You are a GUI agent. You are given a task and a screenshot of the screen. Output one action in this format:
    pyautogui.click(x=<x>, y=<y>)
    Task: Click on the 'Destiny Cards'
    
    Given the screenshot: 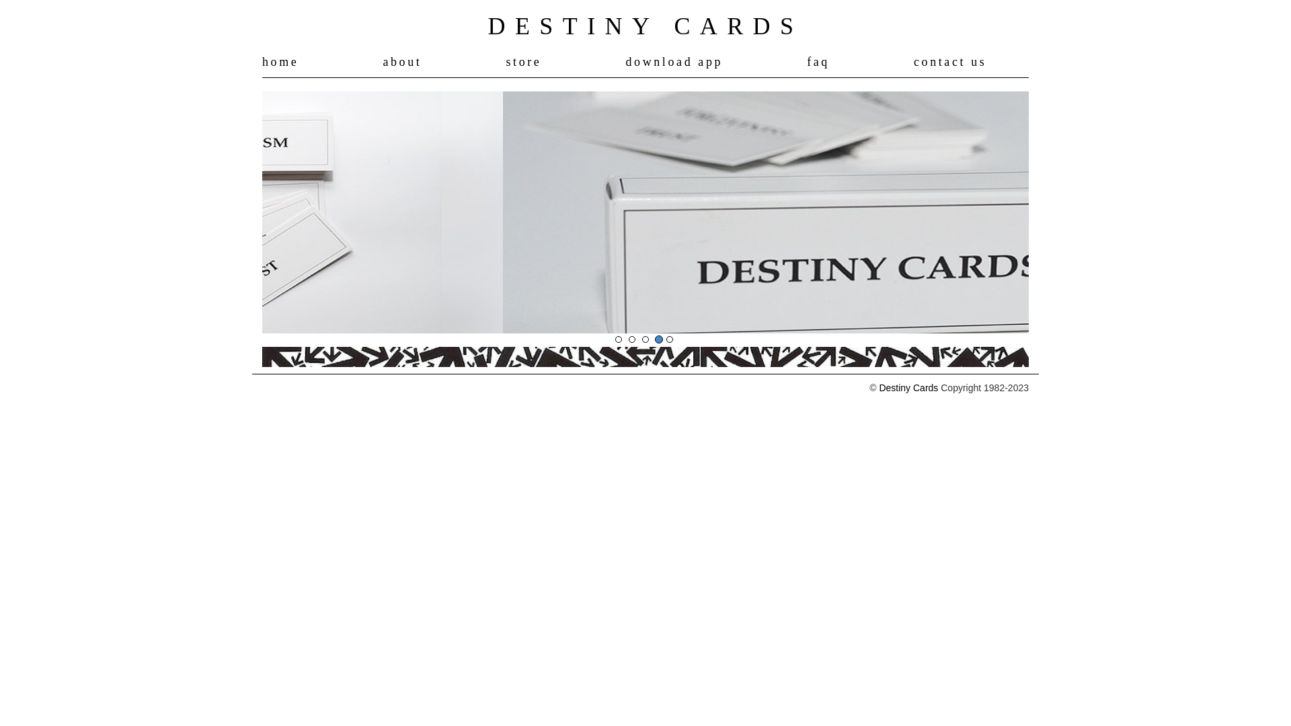 What is the action you would take?
    pyautogui.click(x=908, y=388)
    